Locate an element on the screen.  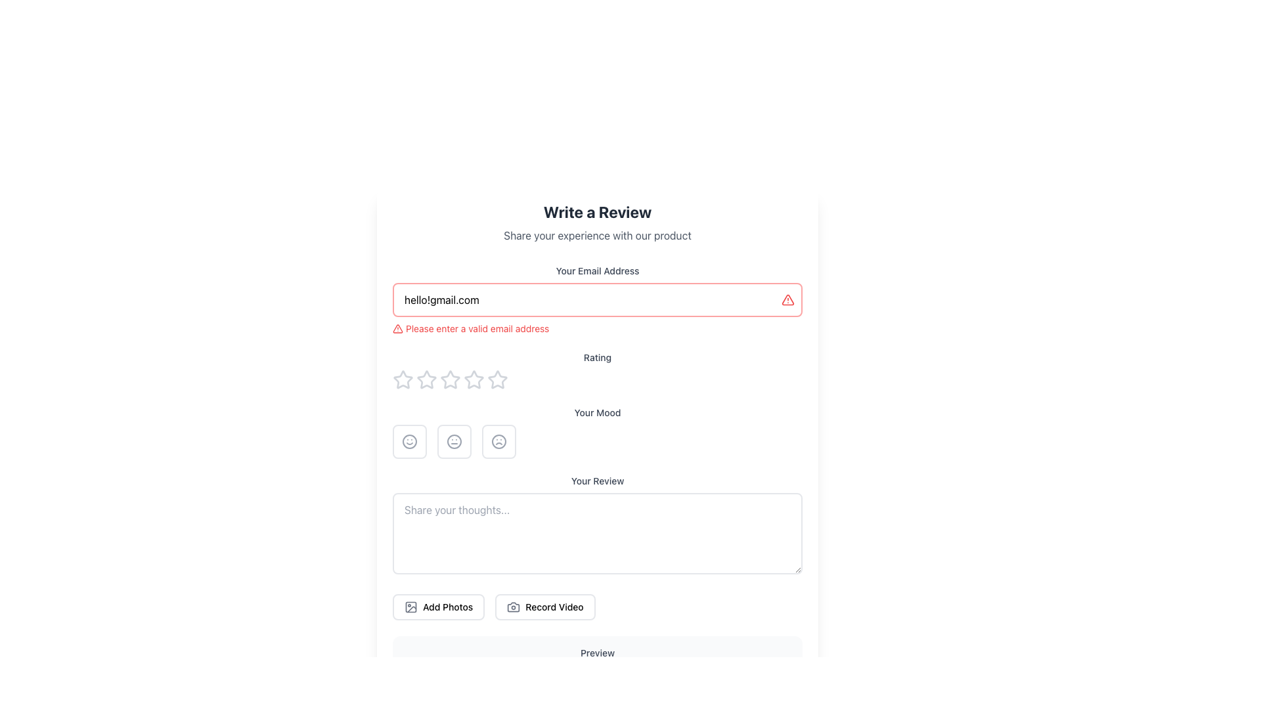
the 'Add Photos' button, which is a rectangular button with rounded edges, white background, gray border, and contains a photo frame icon followed by the text 'Add Photos', located to the left of the 'Record Video' button is located at coordinates (438, 607).